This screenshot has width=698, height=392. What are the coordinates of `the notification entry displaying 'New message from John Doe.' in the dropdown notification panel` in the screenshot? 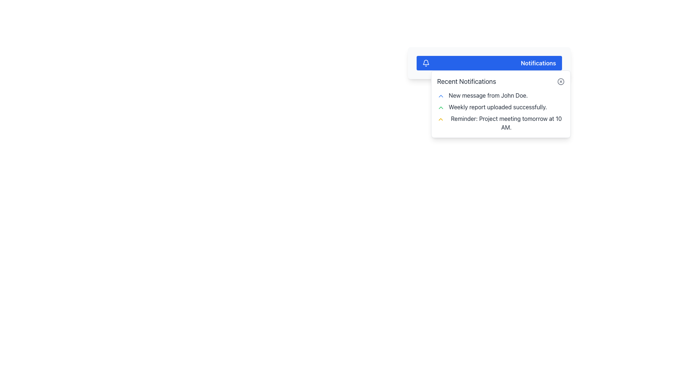 It's located at (500, 95).